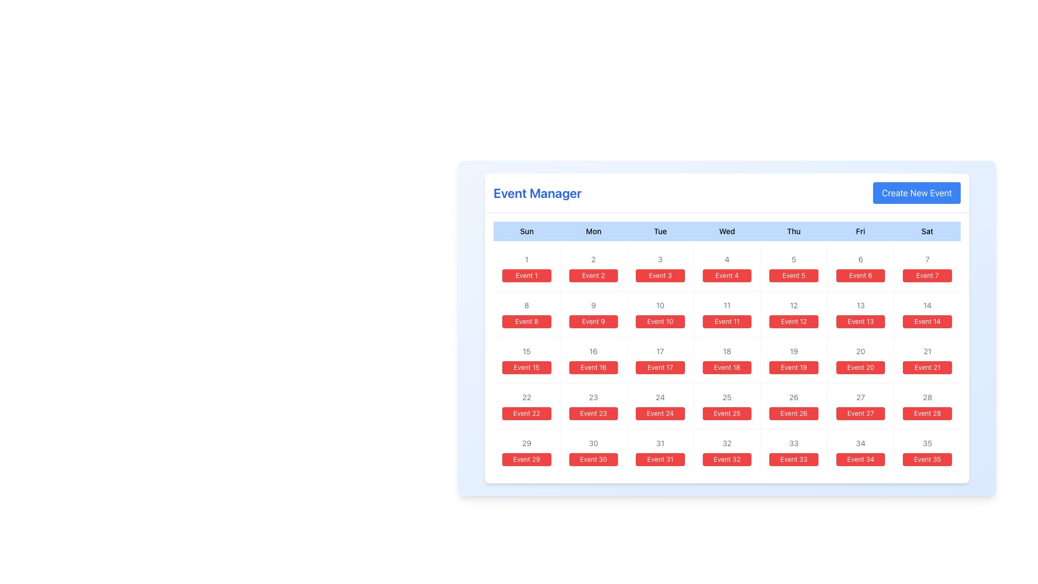 The image size is (1038, 584). What do you see at coordinates (927, 367) in the screenshot?
I see `the Badge representing the event scheduled for the 21st day of the month, located in the Saturday column of the calendar grid` at bounding box center [927, 367].